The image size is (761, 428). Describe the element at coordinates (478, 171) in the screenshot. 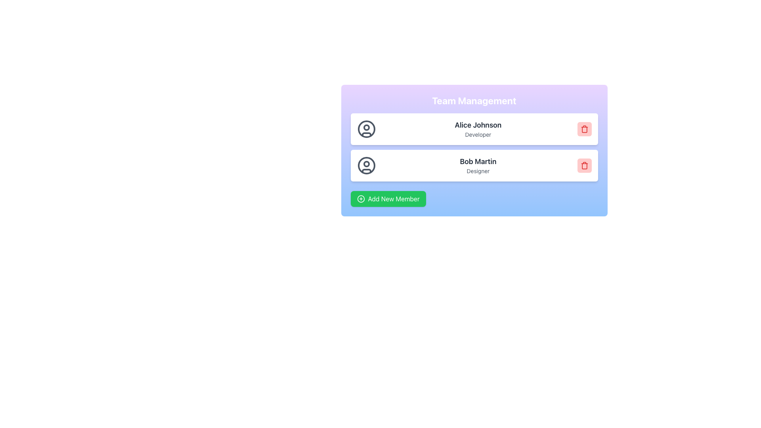

I see `the text label displaying the word 'Designer' which is located below the 'Bob Martin' name label in the user profile section` at that location.